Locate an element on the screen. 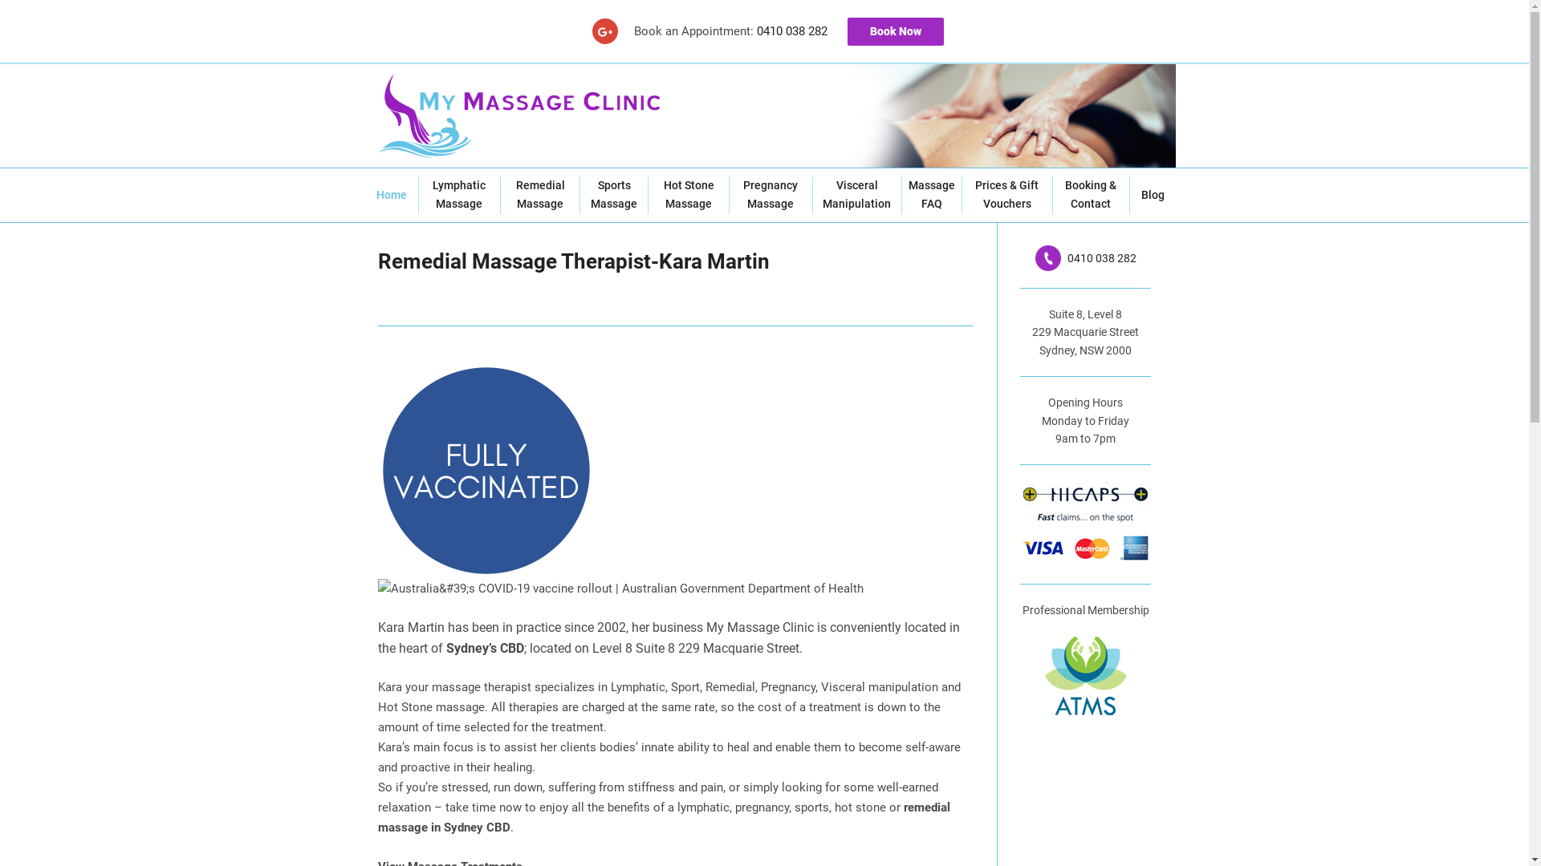  'Prices & Gift Vouchers' is located at coordinates (1006, 194).